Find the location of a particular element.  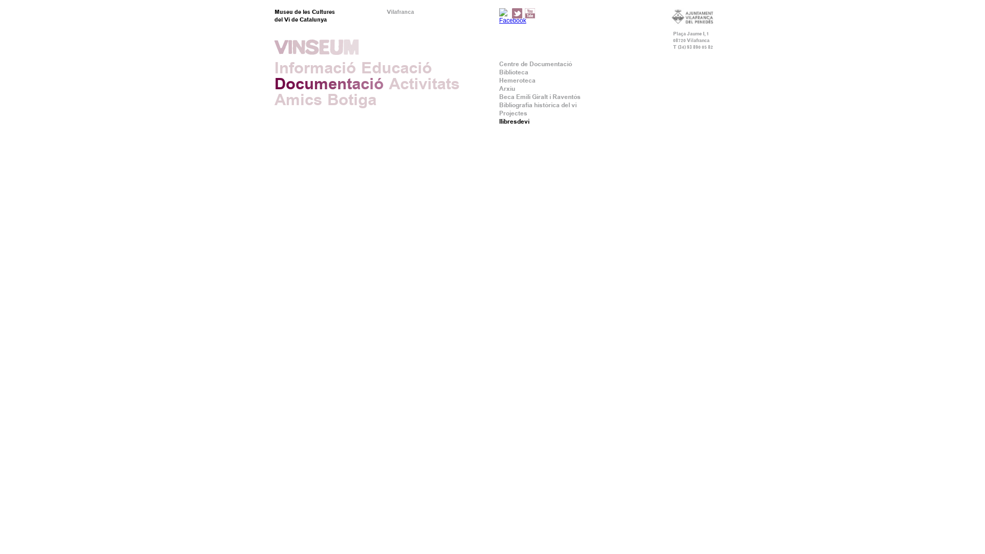

'Biblioteca' is located at coordinates (499, 72).